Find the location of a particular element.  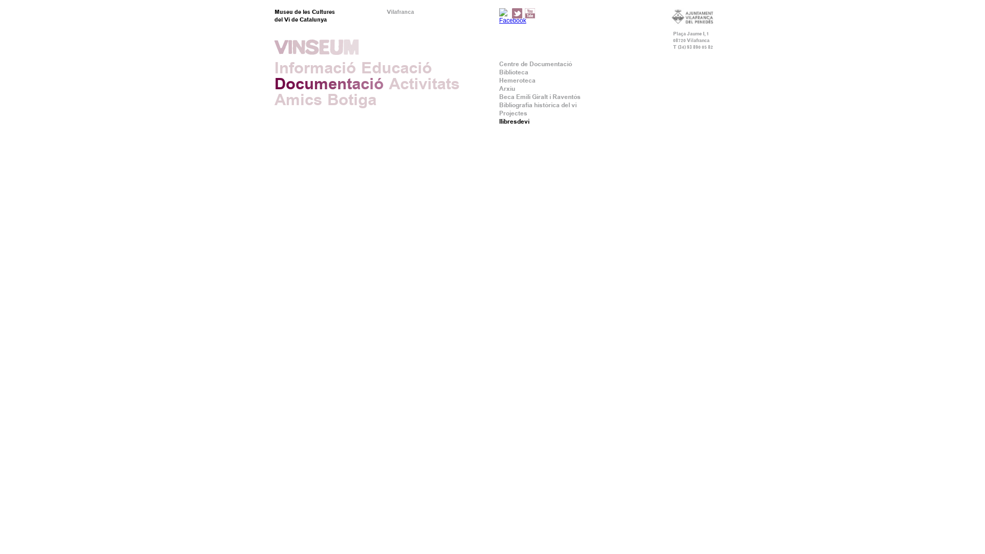

'Biblioteca' is located at coordinates (499, 72).